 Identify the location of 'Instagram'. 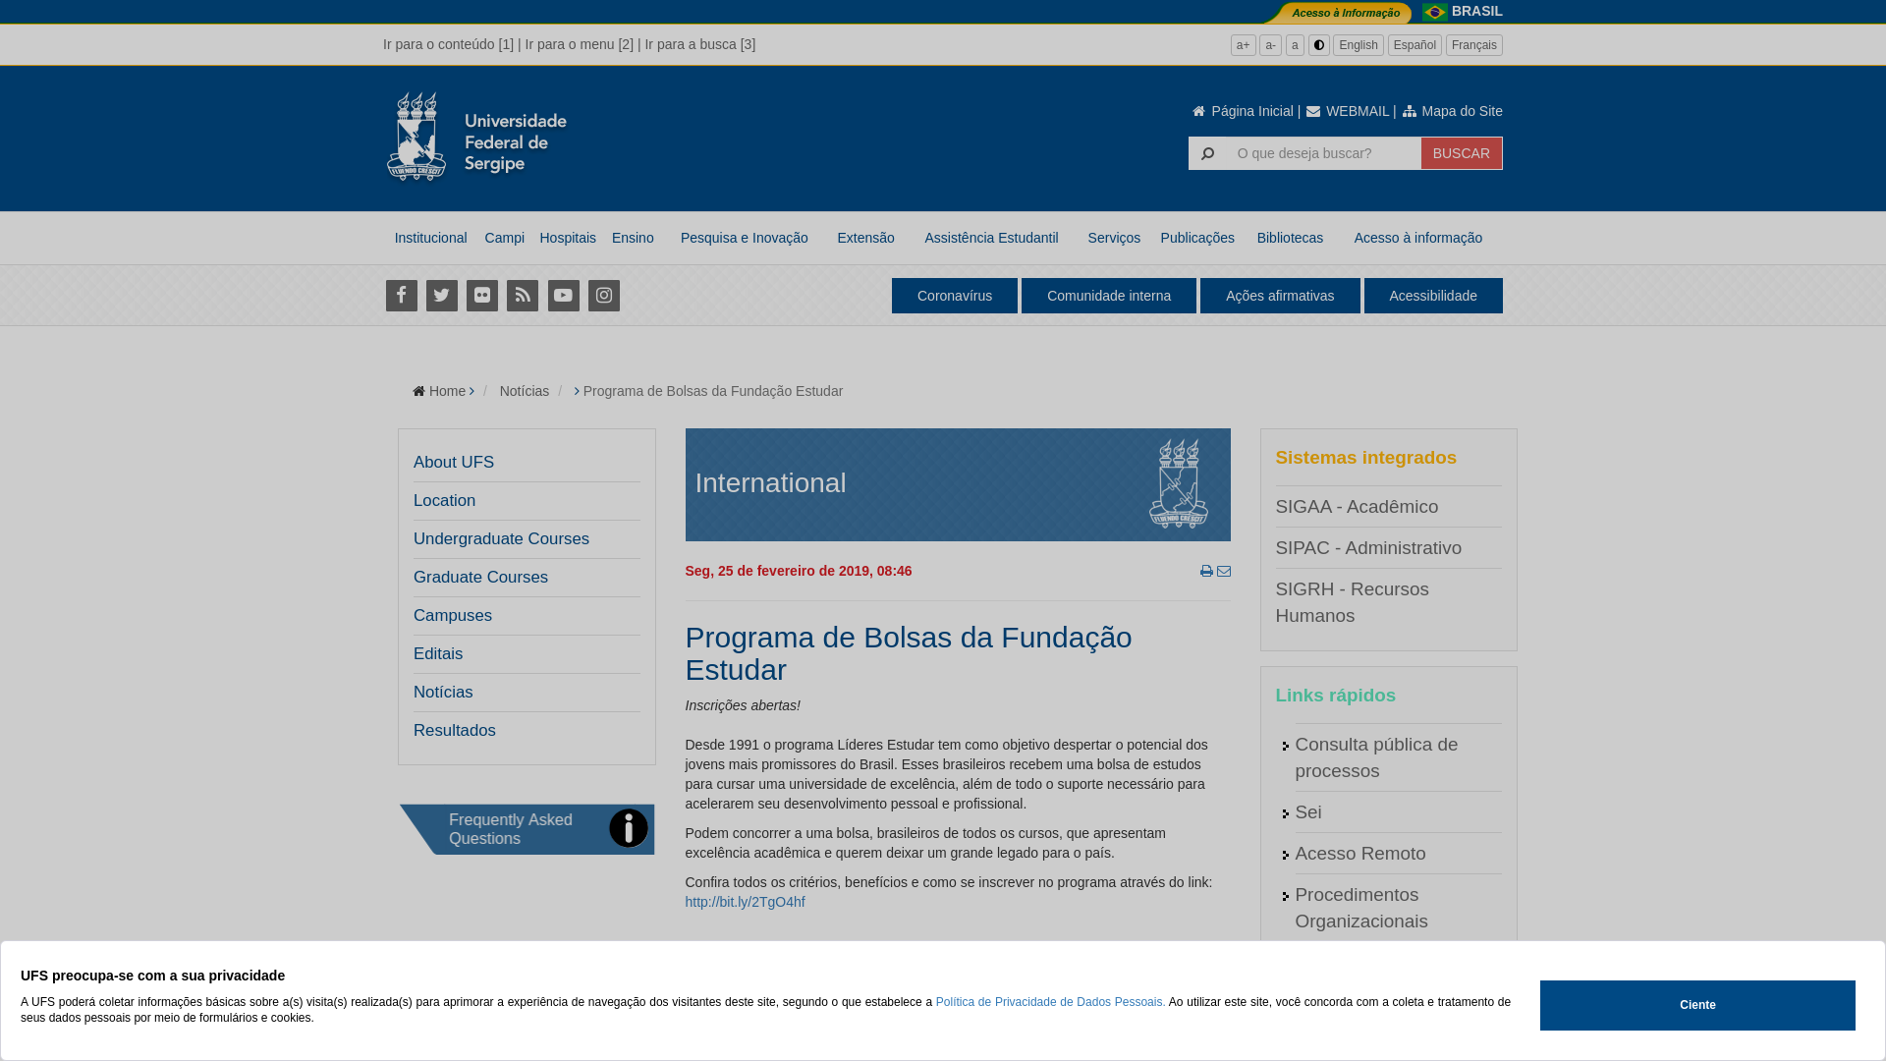
(602, 295).